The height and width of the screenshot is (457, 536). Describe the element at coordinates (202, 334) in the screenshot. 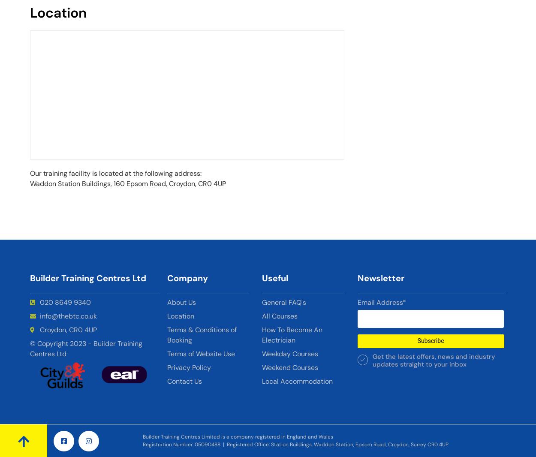

I see `'Terms & Conditions of Booking'` at that location.